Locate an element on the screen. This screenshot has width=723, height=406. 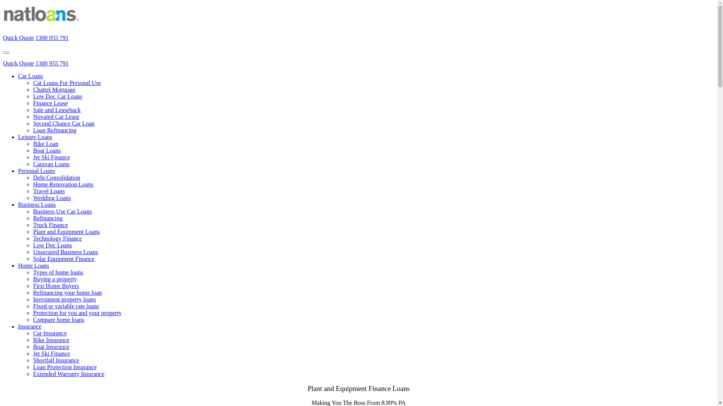
'Personal Loans' is located at coordinates (36, 171).